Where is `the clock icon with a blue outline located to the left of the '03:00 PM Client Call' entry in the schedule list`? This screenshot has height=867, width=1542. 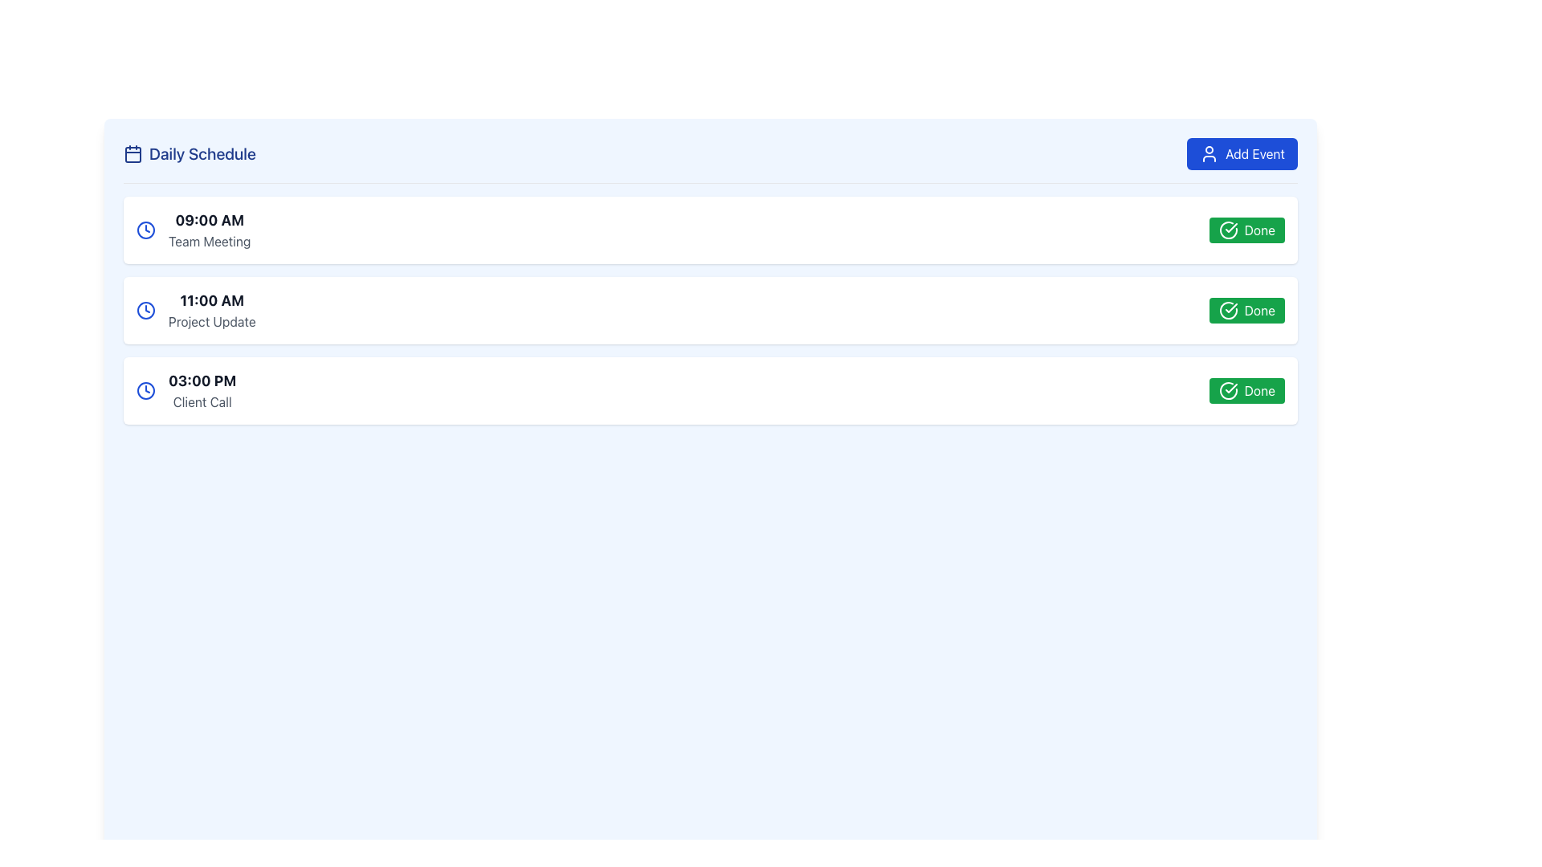 the clock icon with a blue outline located to the left of the '03:00 PM Client Call' entry in the schedule list is located at coordinates (146, 390).